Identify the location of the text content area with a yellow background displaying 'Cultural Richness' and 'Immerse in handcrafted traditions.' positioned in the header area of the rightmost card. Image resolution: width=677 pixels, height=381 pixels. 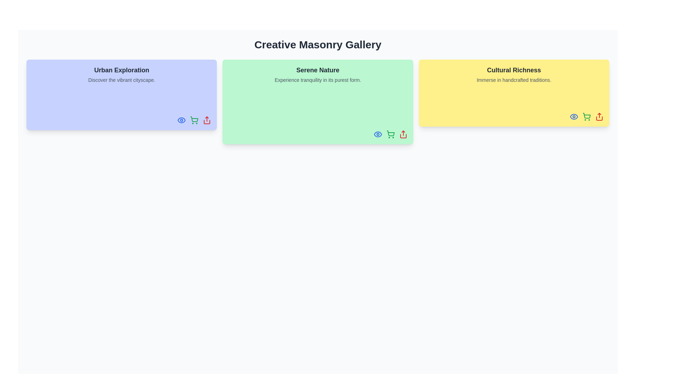
(514, 74).